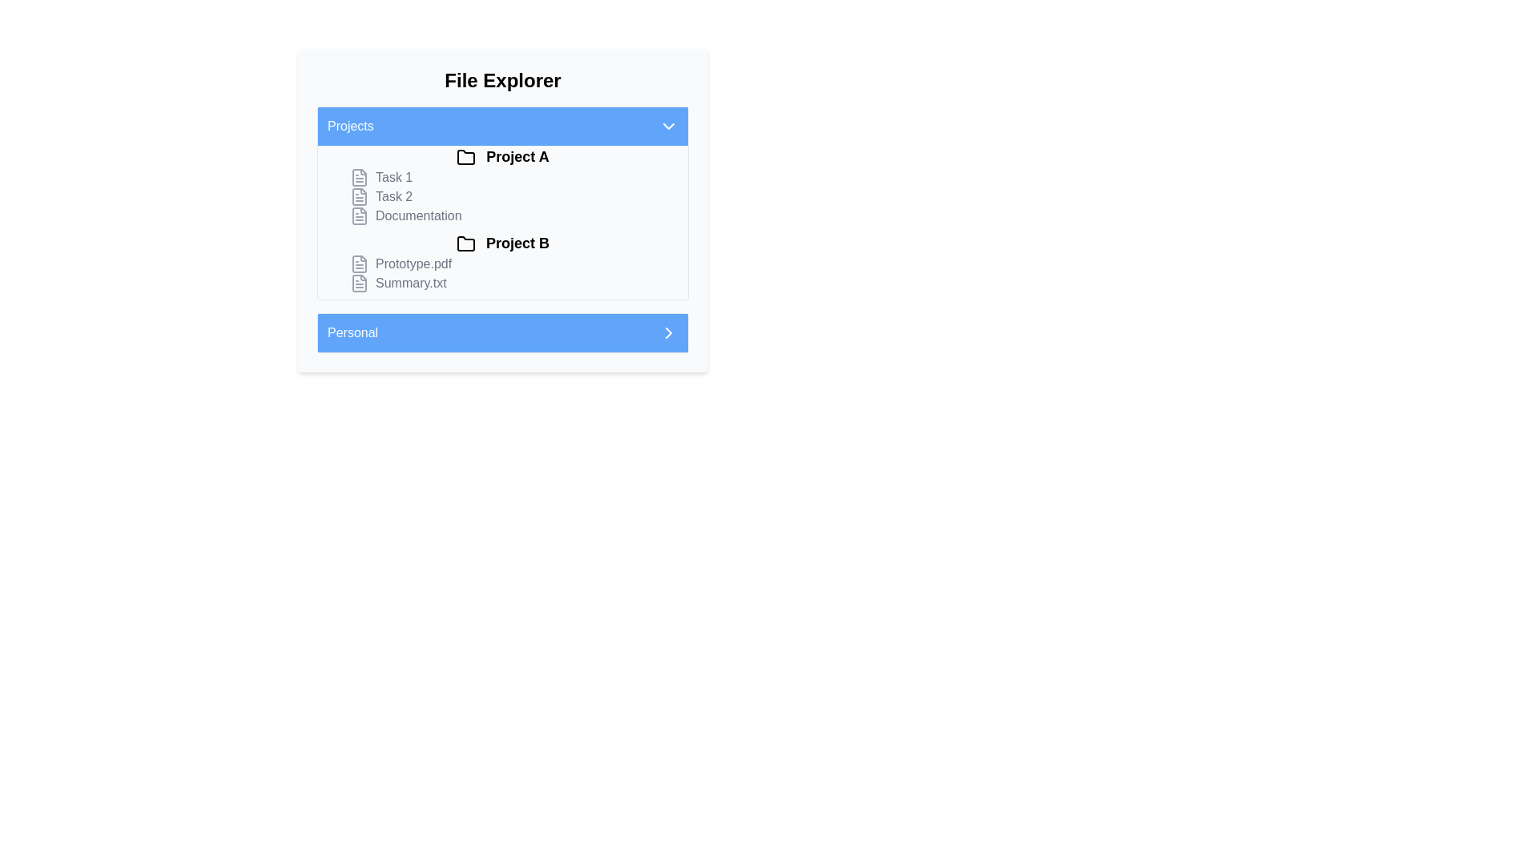 The height and width of the screenshot is (865, 1538). What do you see at coordinates (359, 196) in the screenshot?
I see `the document icon located to the left of the text 'Task 2' in the 'Projects' section to interact with the corresponding item` at bounding box center [359, 196].